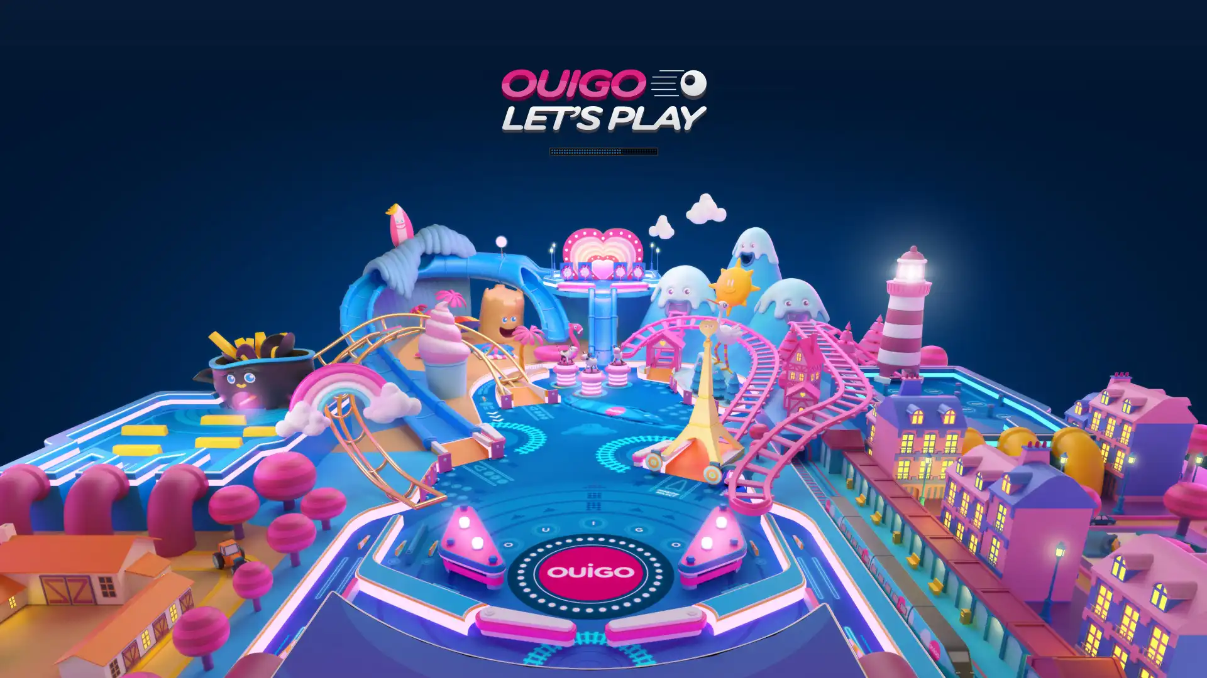 The image size is (1207, 678). Describe the element at coordinates (603, 659) in the screenshot. I see `CLASSEMENT` at that location.